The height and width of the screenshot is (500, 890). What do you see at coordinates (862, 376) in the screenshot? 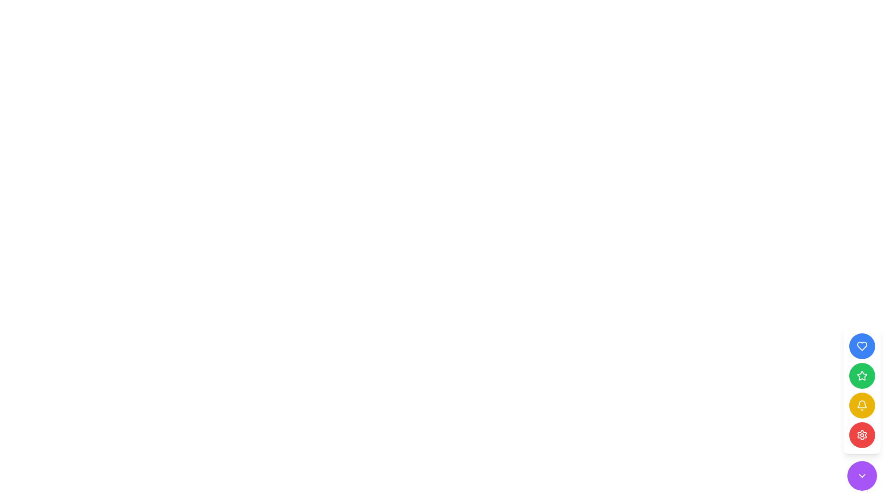
I see `the green circular button with a white star icon located as the third button in a vertical stack on the far right` at bounding box center [862, 376].